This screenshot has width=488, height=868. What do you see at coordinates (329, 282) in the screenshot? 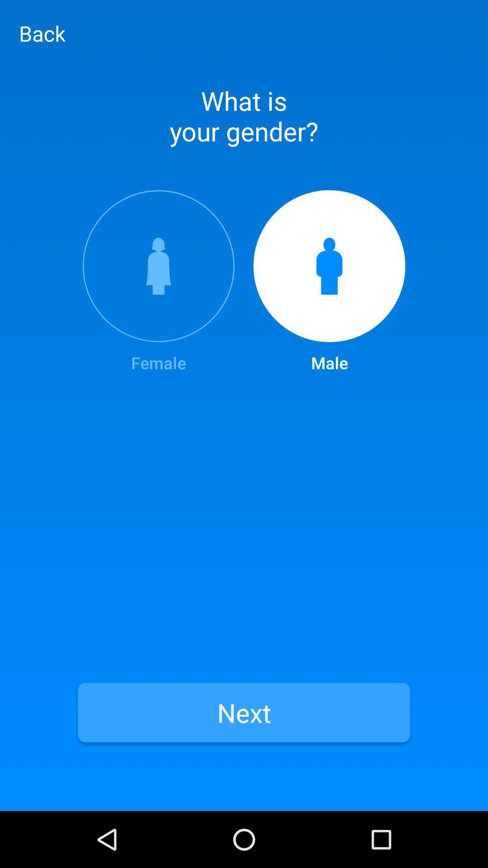
I see `item below what is your icon` at bounding box center [329, 282].